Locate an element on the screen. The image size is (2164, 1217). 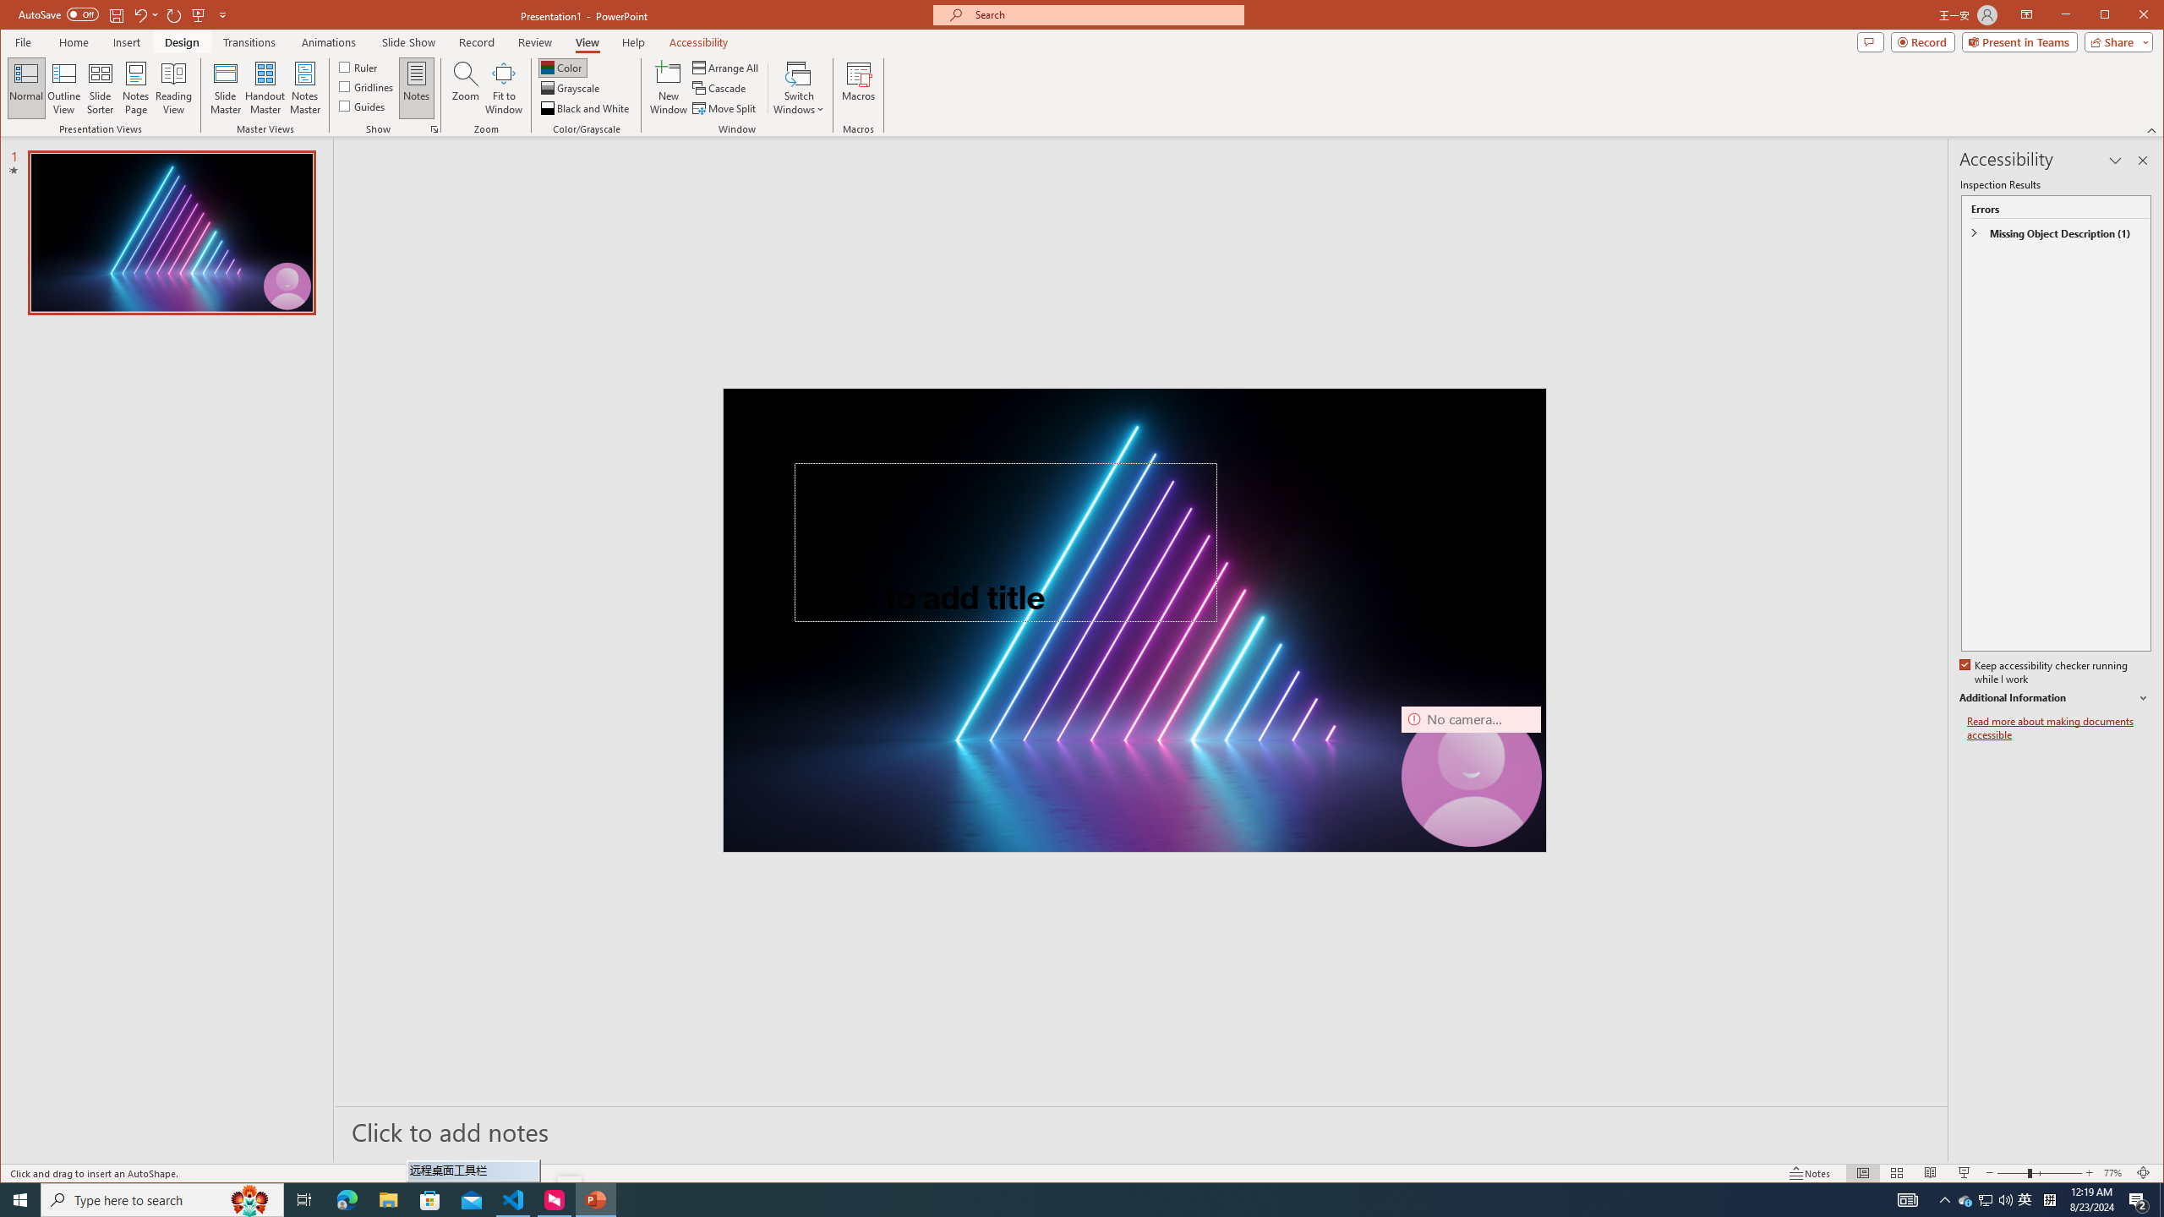
'Gridlines' is located at coordinates (365, 86).